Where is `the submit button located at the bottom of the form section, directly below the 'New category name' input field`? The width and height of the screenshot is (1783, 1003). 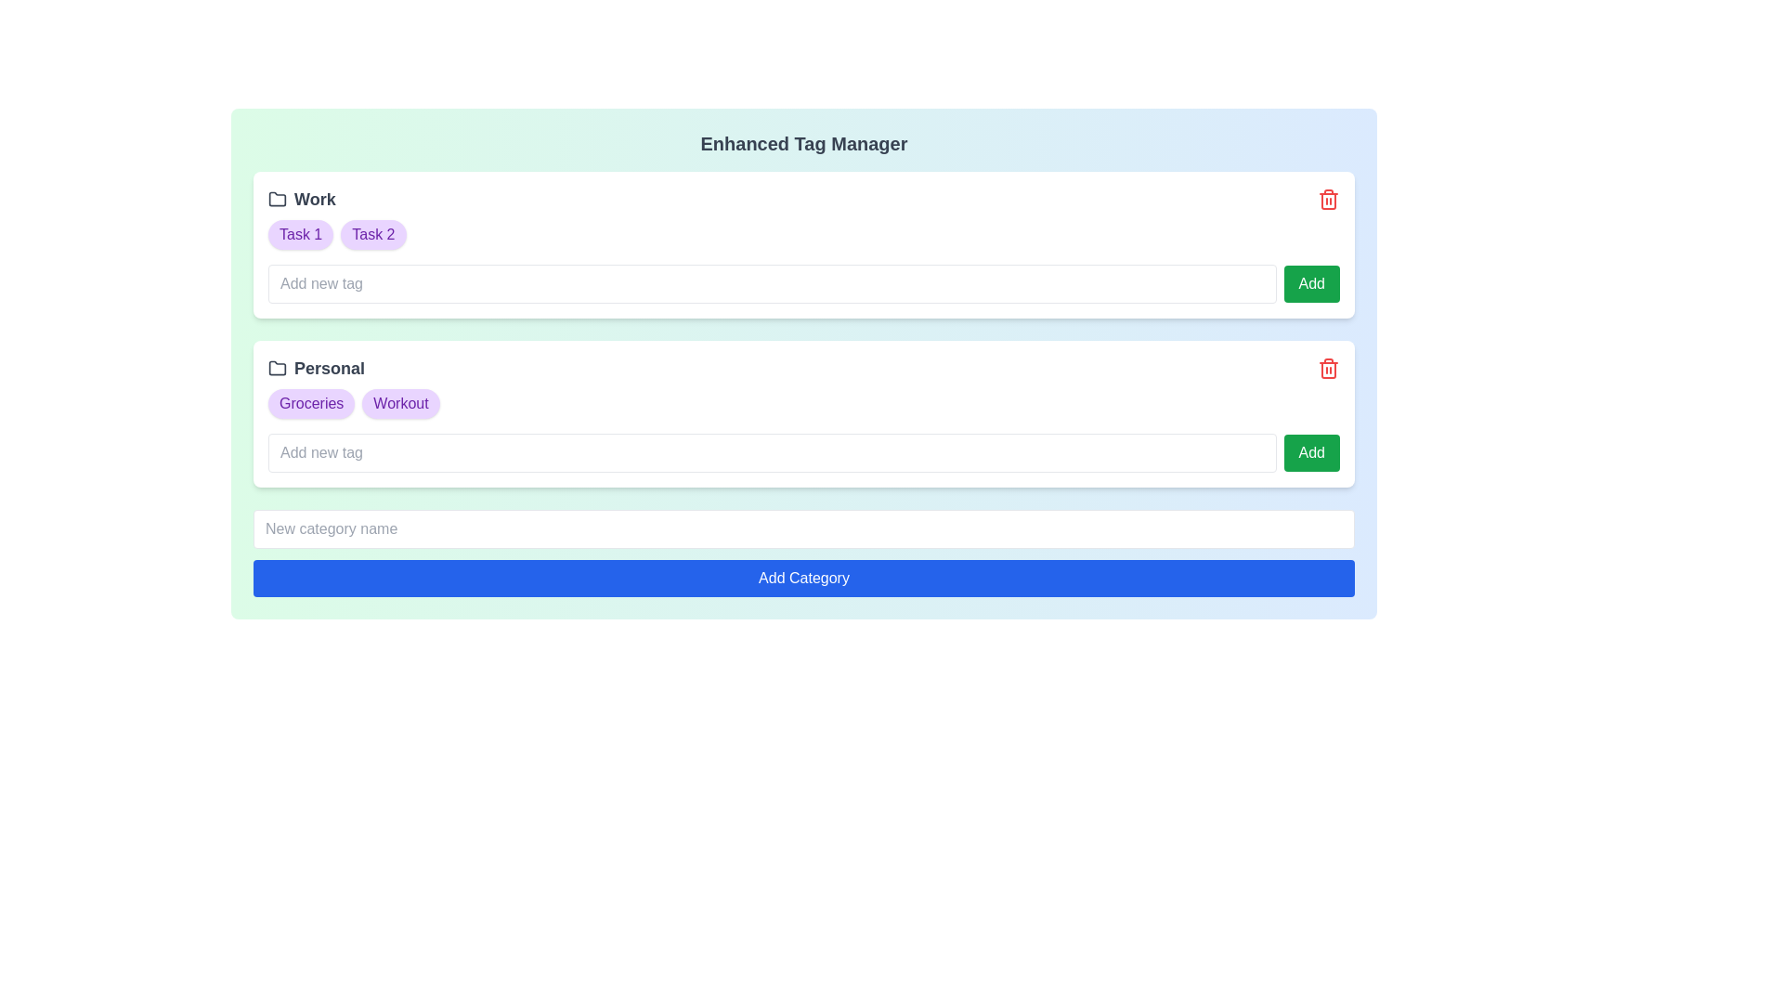 the submit button located at the bottom of the form section, directly below the 'New category name' input field is located at coordinates (803, 578).